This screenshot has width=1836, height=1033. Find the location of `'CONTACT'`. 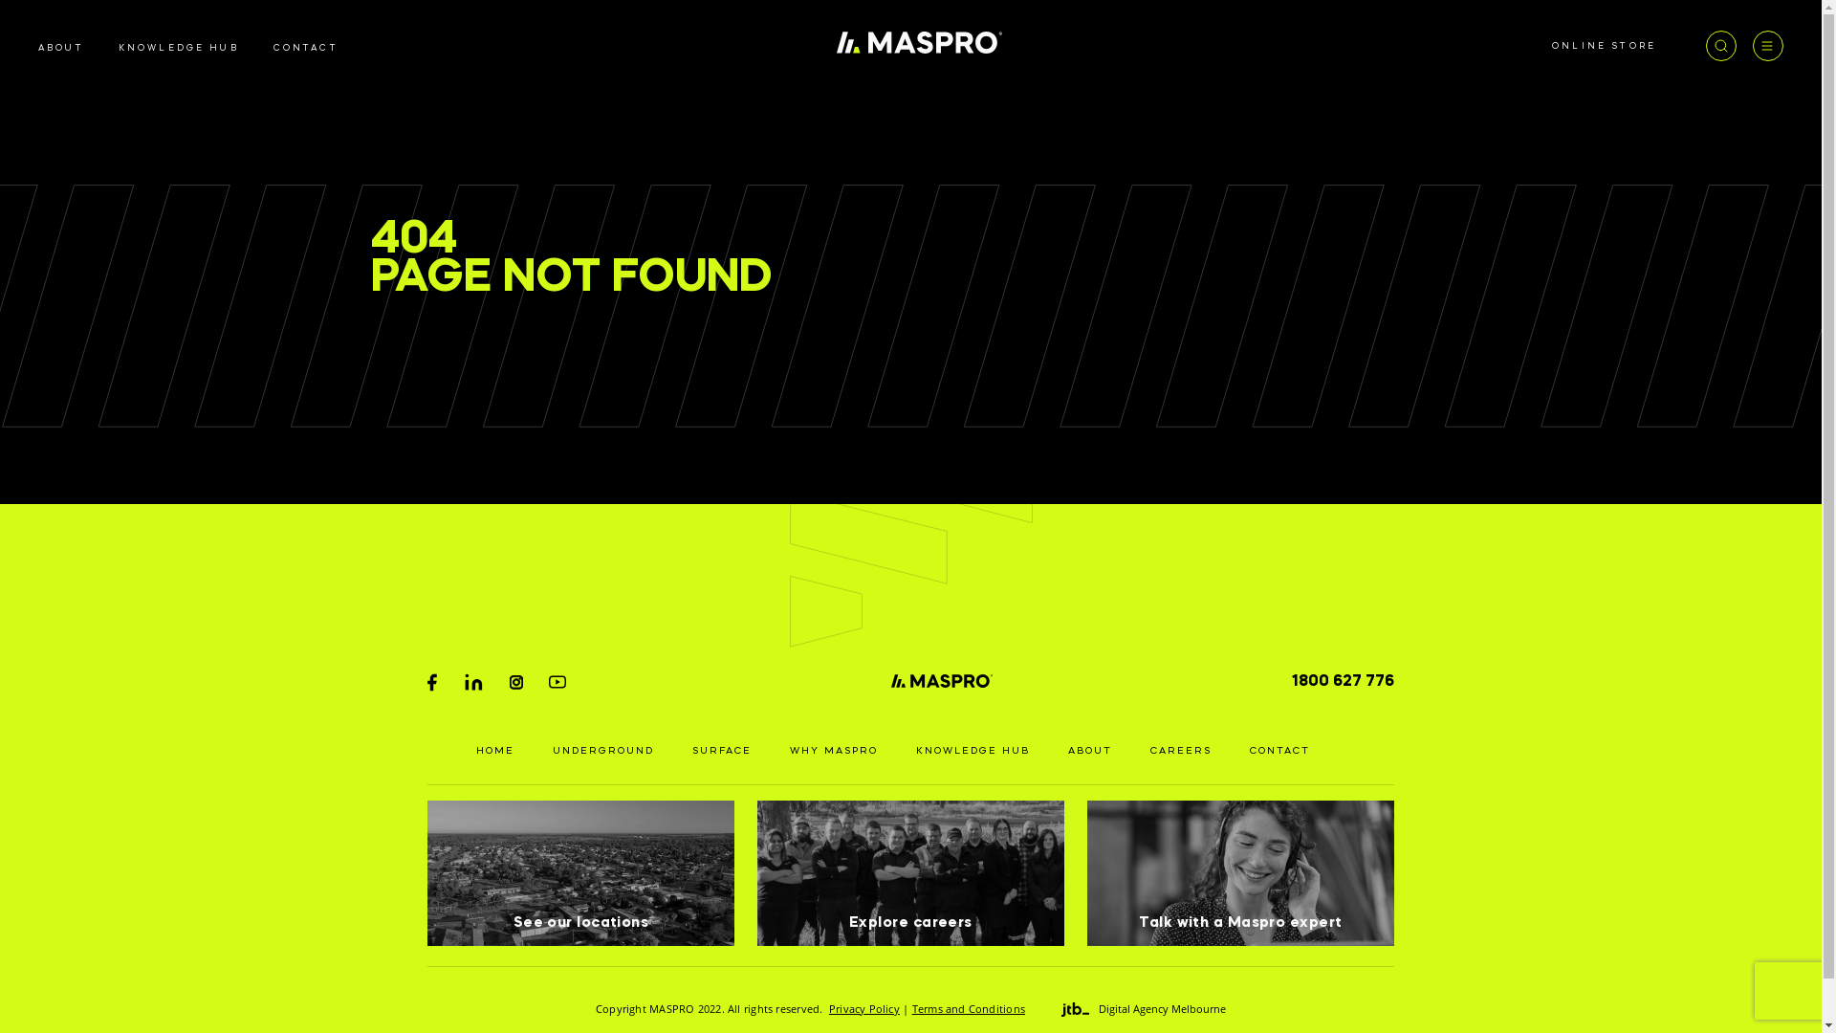

'CONTACT' is located at coordinates (1279, 750).